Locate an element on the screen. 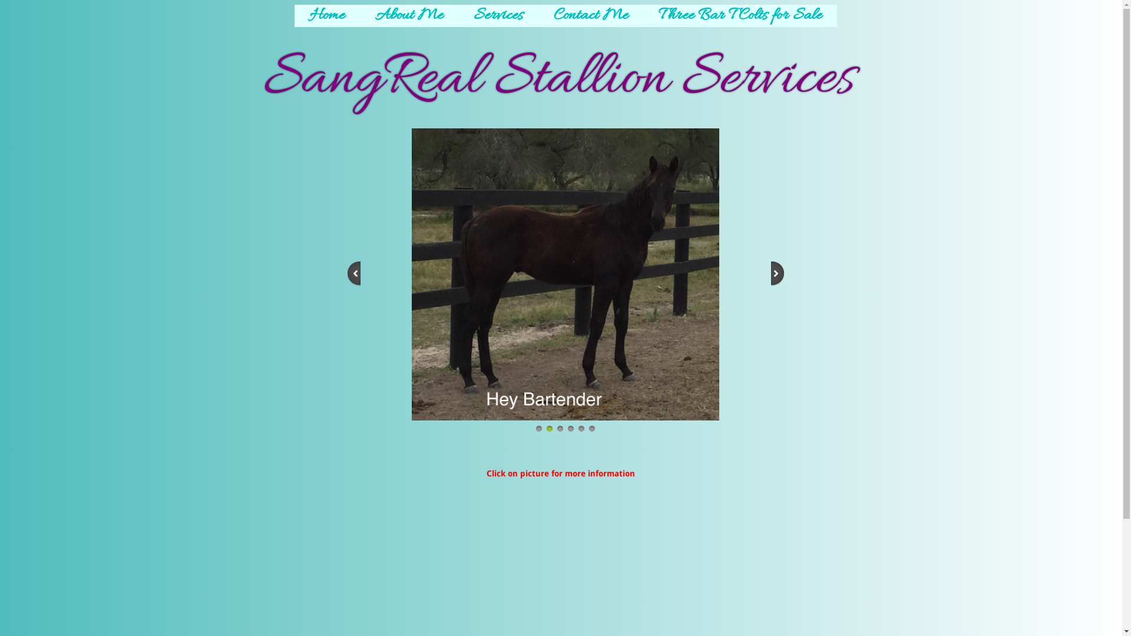  'Contact Me' is located at coordinates (537, 16).